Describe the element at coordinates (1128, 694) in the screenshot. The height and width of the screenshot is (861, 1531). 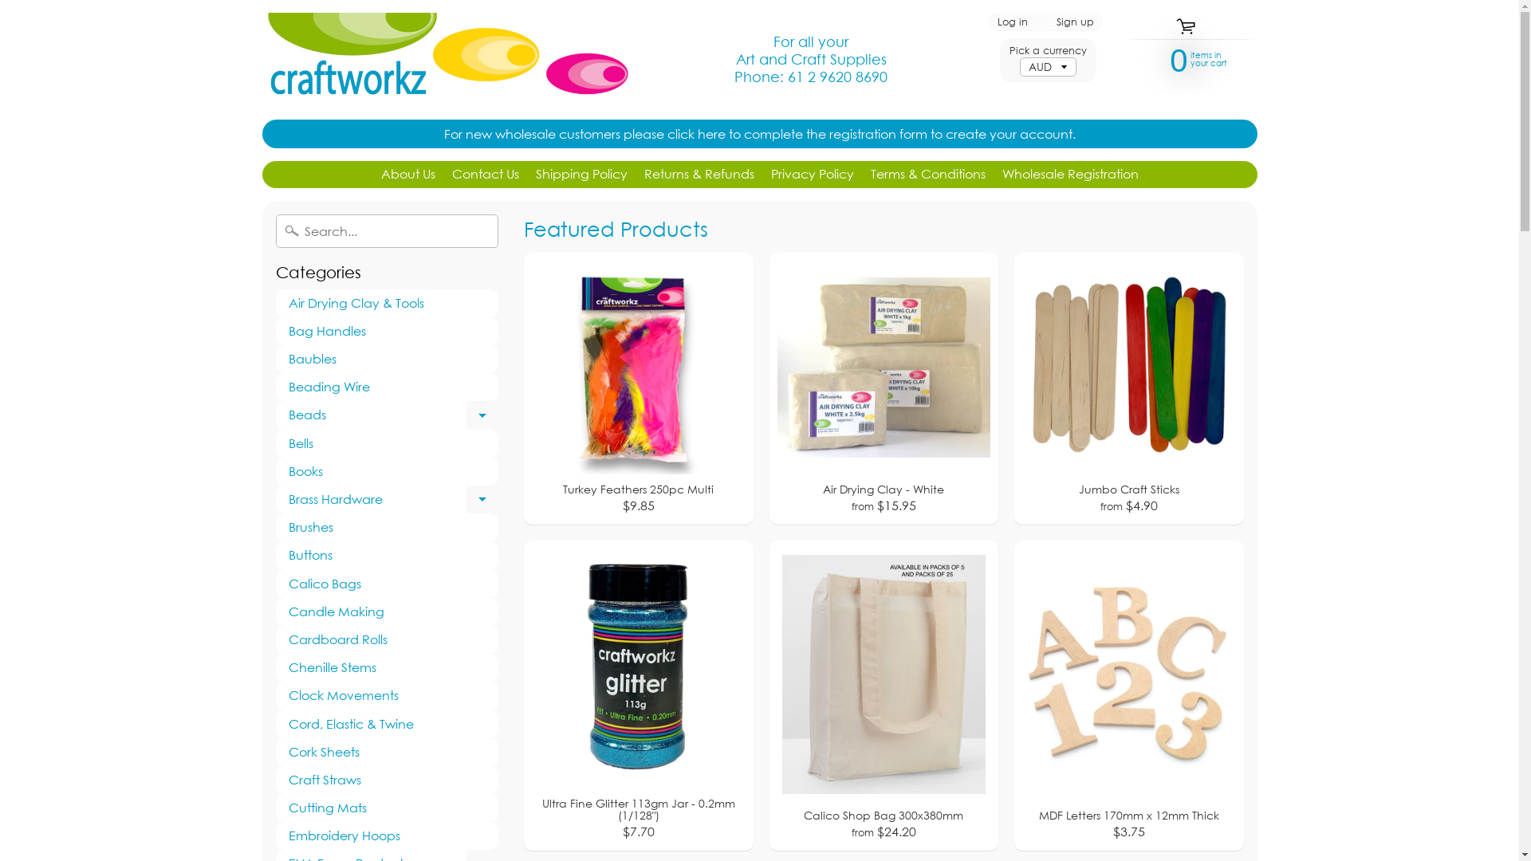
I see `'MDF Letters 170mm x 12mm Thick` at that location.